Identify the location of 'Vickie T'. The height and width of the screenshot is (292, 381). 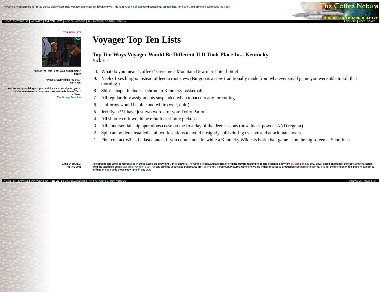
(100, 60).